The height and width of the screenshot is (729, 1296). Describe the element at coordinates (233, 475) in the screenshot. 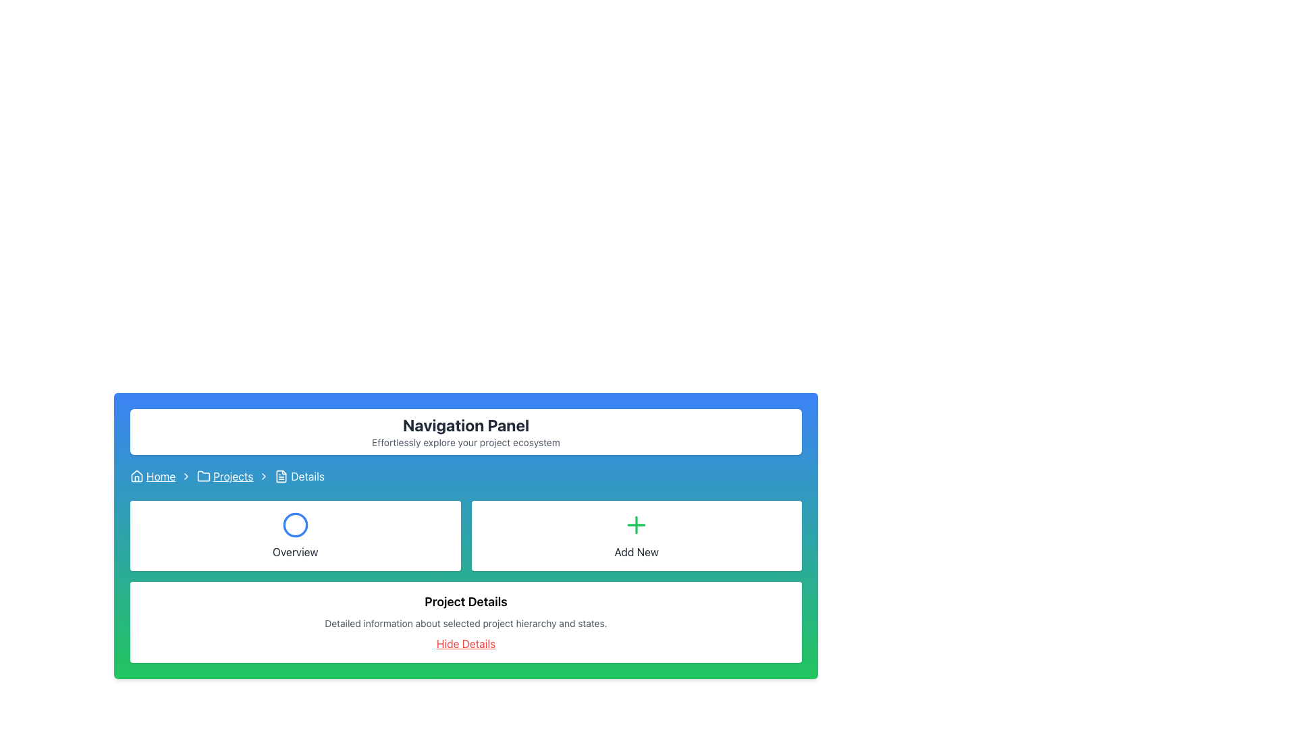

I see `the 'Projects' hyperlink, which is the second breadcrumb in the navigation links` at that location.